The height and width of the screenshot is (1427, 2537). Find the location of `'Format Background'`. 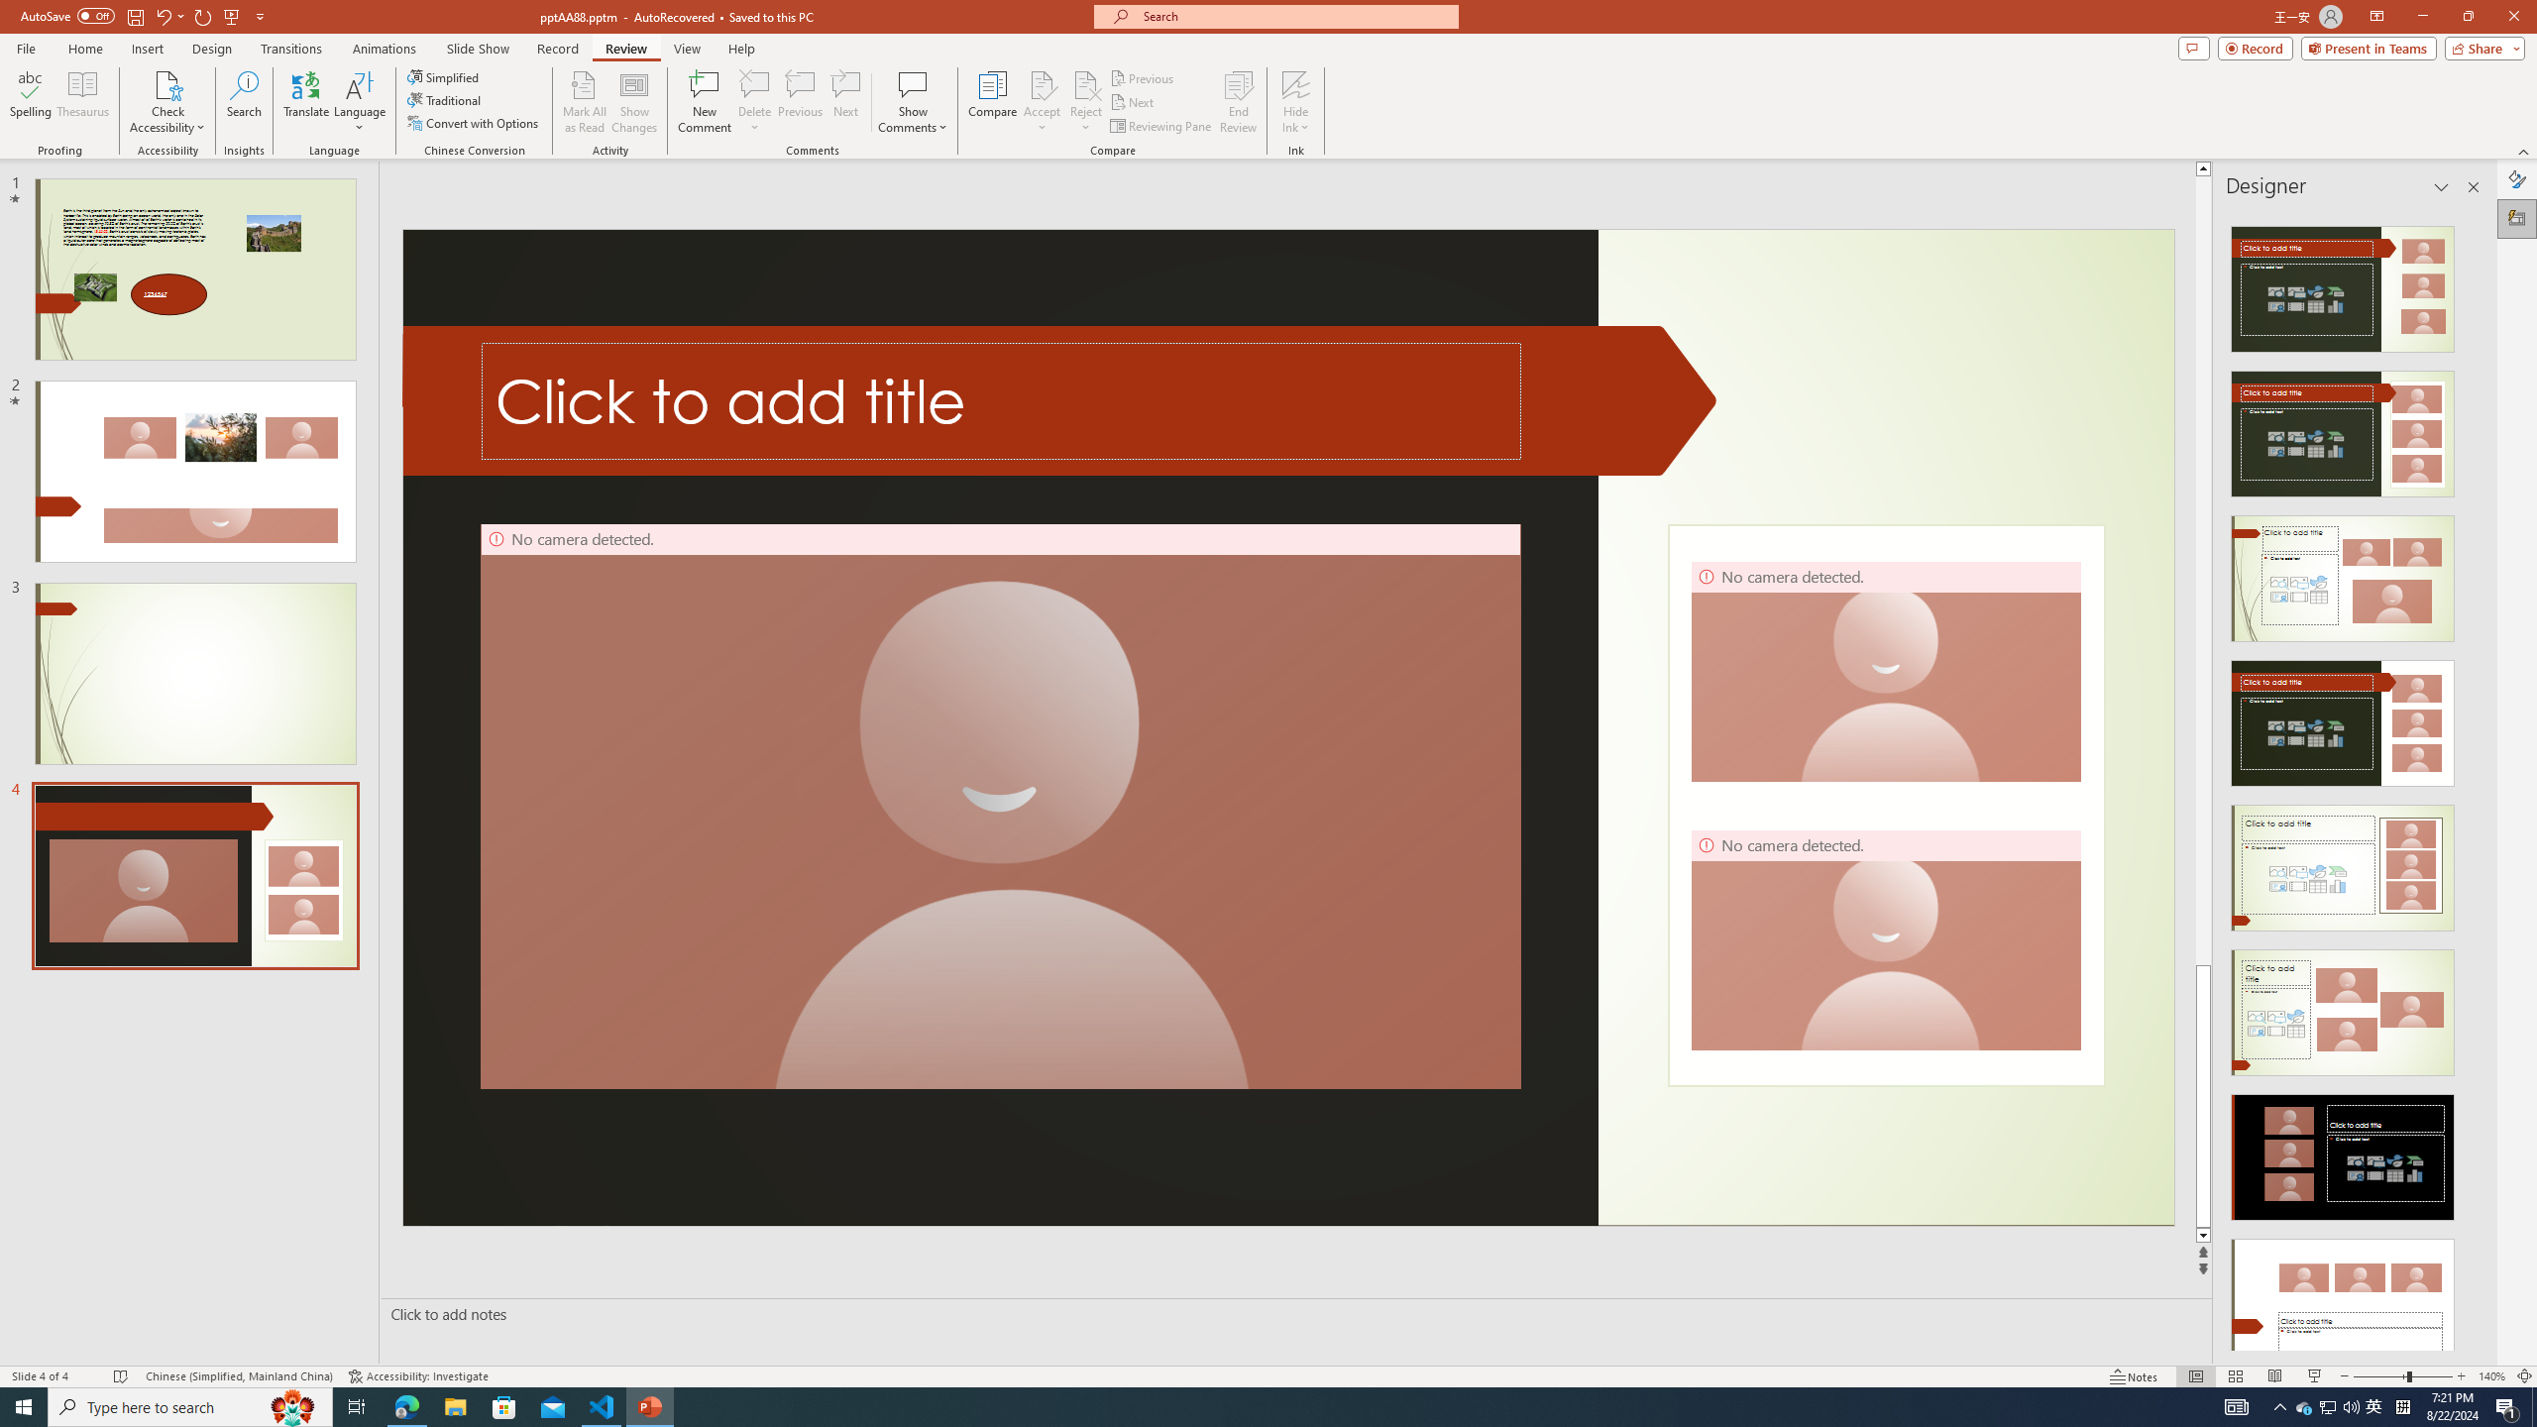

'Format Background' is located at coordinates (2516, 178).